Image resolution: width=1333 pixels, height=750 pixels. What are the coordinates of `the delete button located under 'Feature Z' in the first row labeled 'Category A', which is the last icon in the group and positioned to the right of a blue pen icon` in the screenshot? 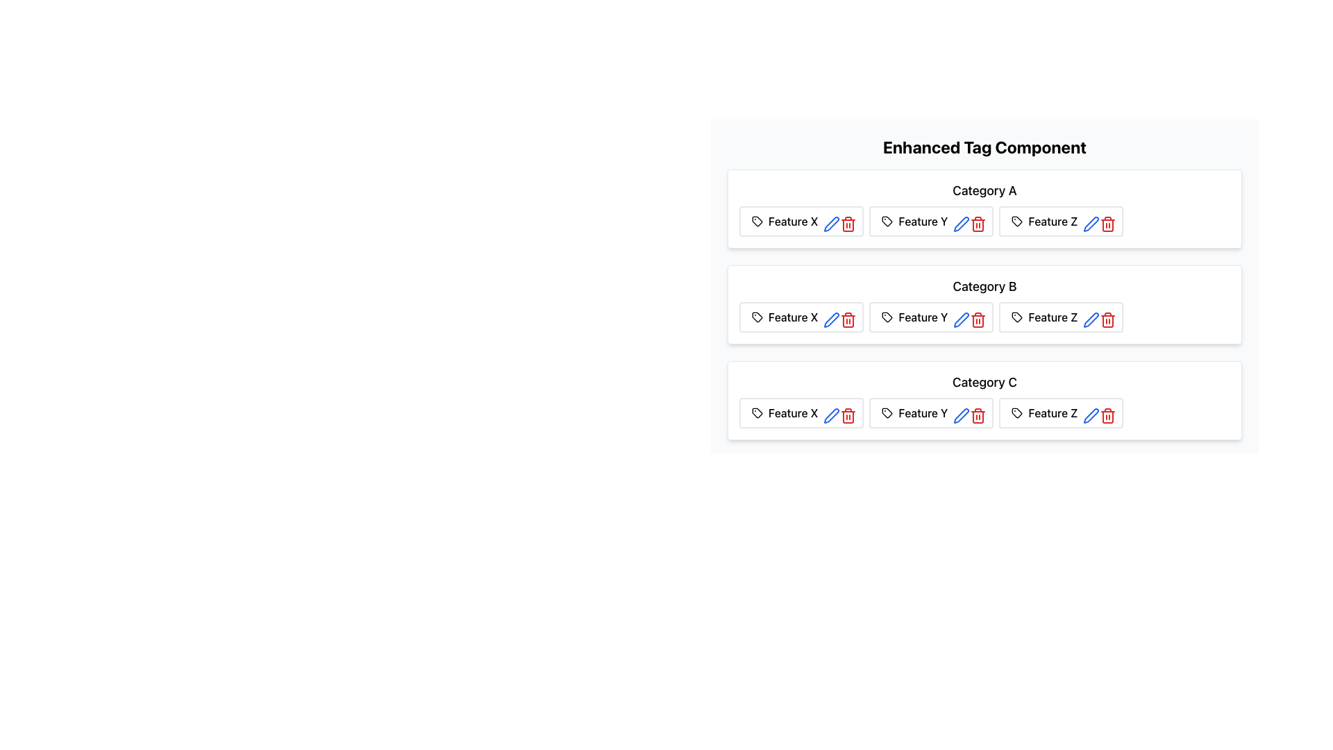 It's located at (1105, 221).